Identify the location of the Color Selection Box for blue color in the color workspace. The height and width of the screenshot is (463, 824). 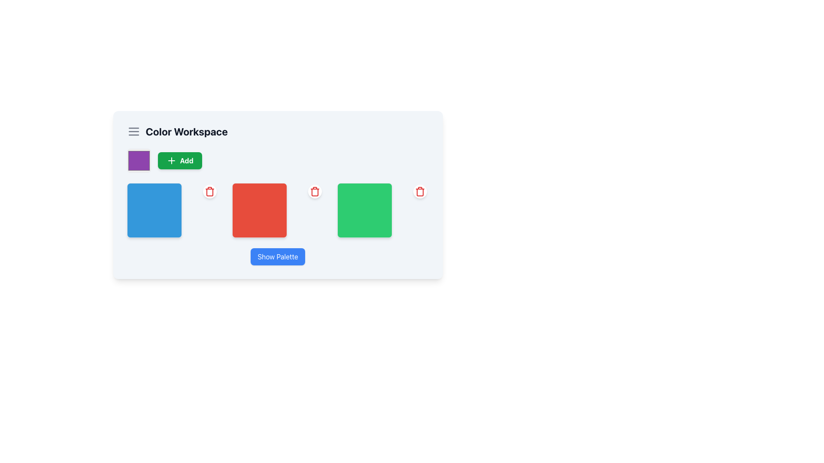
(154, 210).